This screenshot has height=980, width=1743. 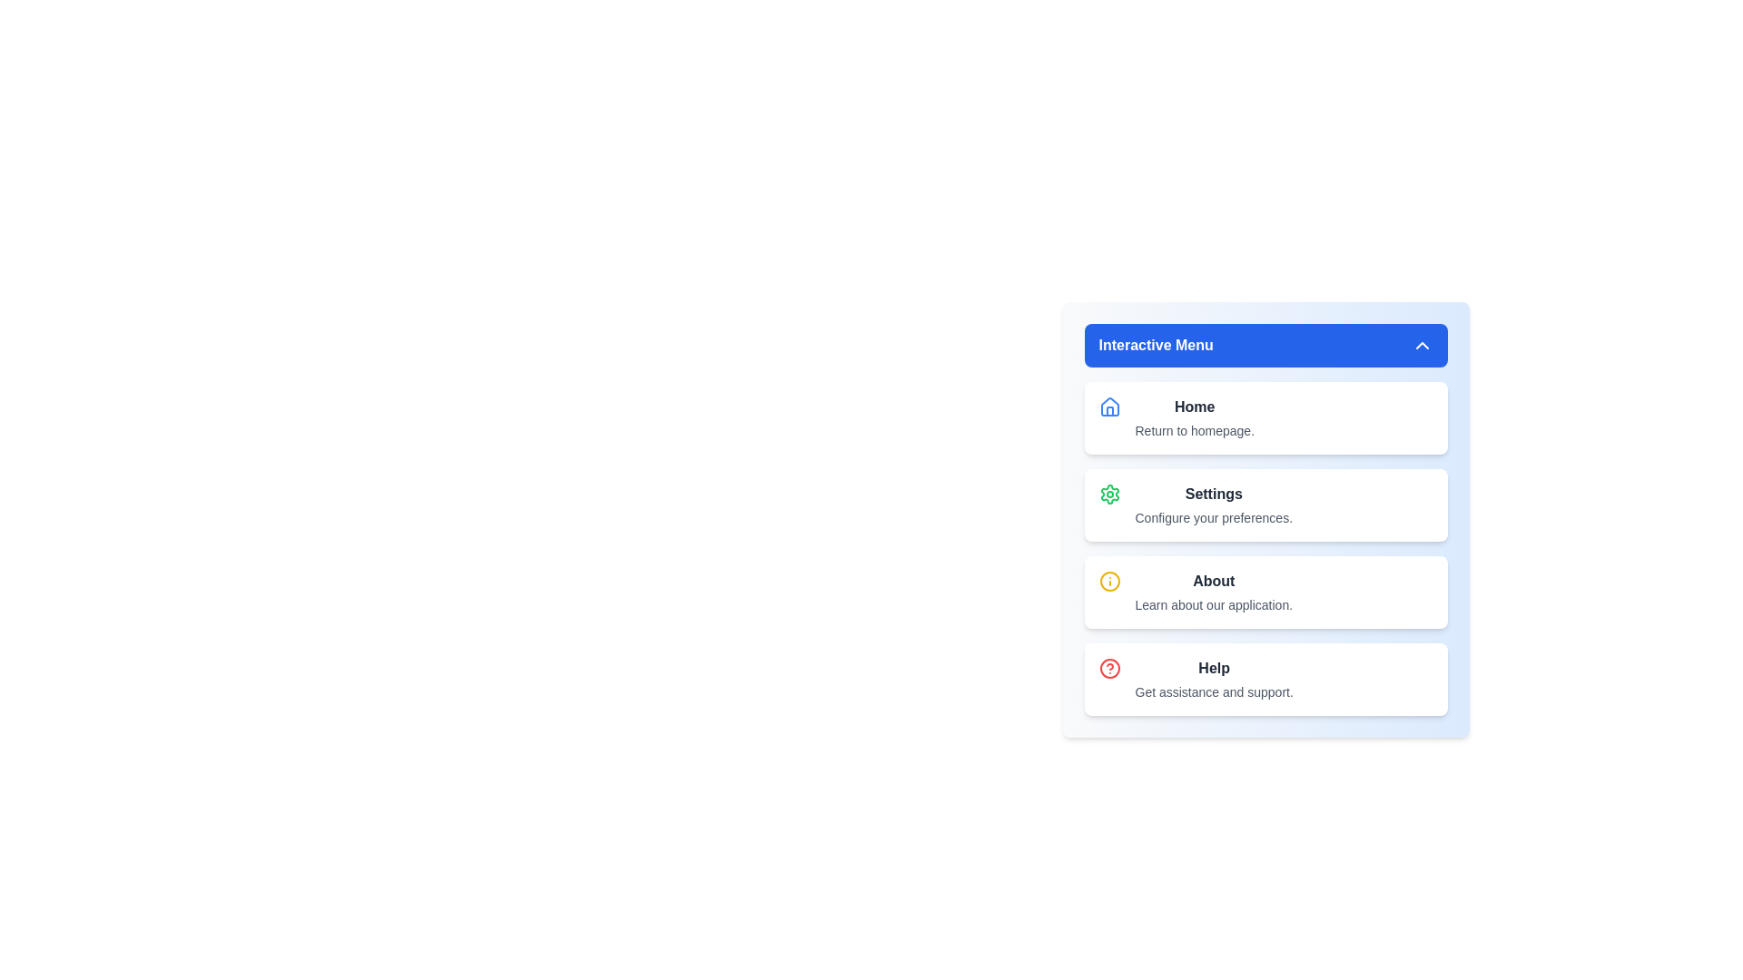 I want to click on the small blue house icon representing the 'Home' menu option, which is located adjacent to the text labeled 'Home' and 'Return to homepage.', so click(x=1108, y=406).